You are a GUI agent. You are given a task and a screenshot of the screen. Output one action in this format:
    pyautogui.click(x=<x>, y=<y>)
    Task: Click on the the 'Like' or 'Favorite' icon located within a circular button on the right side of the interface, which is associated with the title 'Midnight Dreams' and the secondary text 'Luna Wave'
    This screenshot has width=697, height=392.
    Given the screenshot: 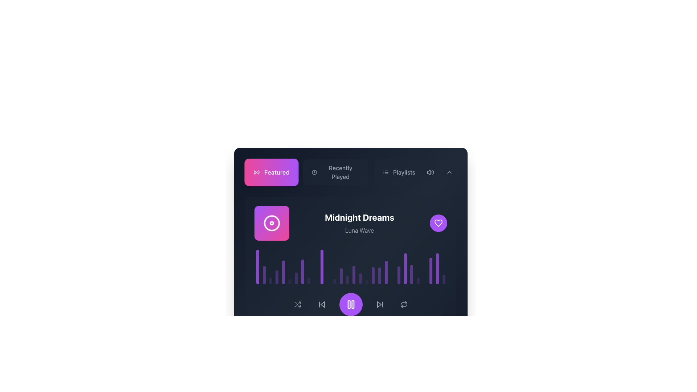 What is the action you would take?
    pyautogui.click(x=438, y=222)
    